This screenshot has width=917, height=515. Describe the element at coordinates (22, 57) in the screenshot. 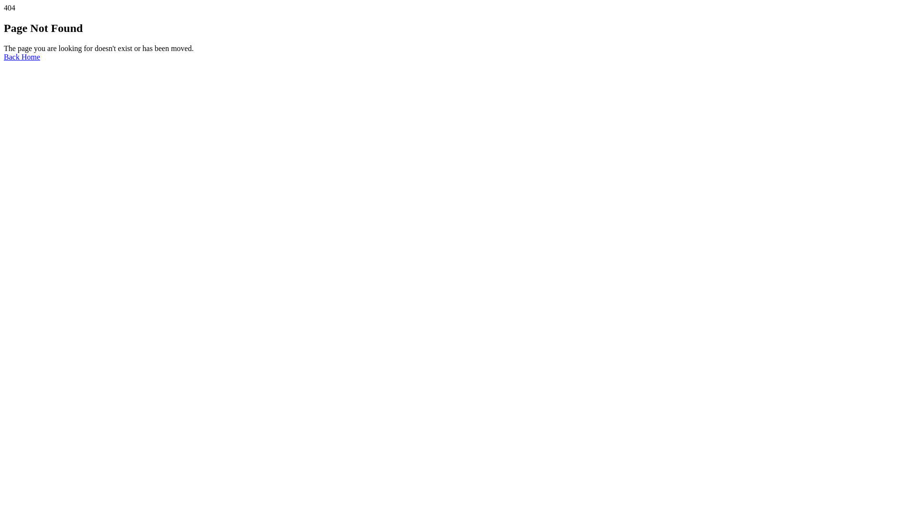

I see `'Back Home'` at that location.